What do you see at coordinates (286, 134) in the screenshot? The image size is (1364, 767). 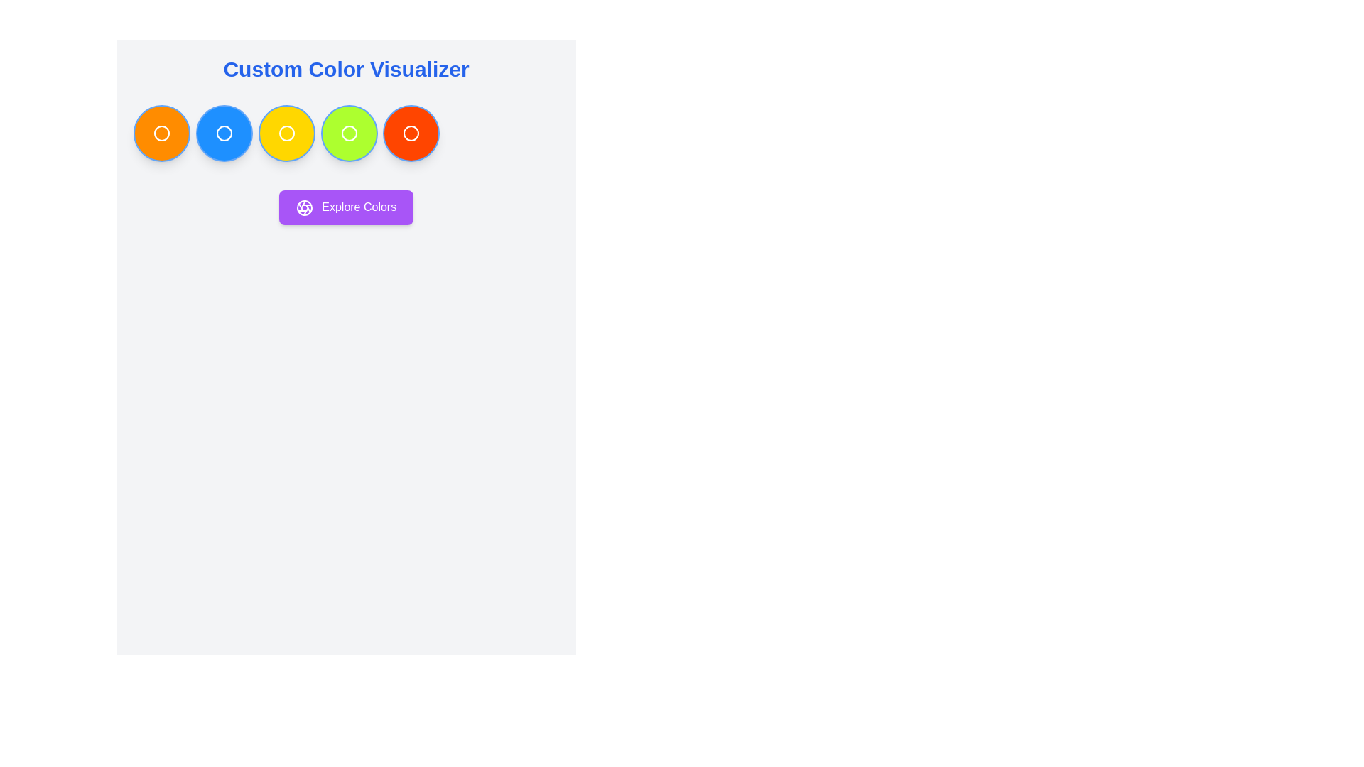 I see `the graphic circle icon filled with a vibrant yellow background surrounded by a blue border, which is the fourth item in the set of seven circles under 'Custom Color Visualizer'` at bounding box center [286, 134].